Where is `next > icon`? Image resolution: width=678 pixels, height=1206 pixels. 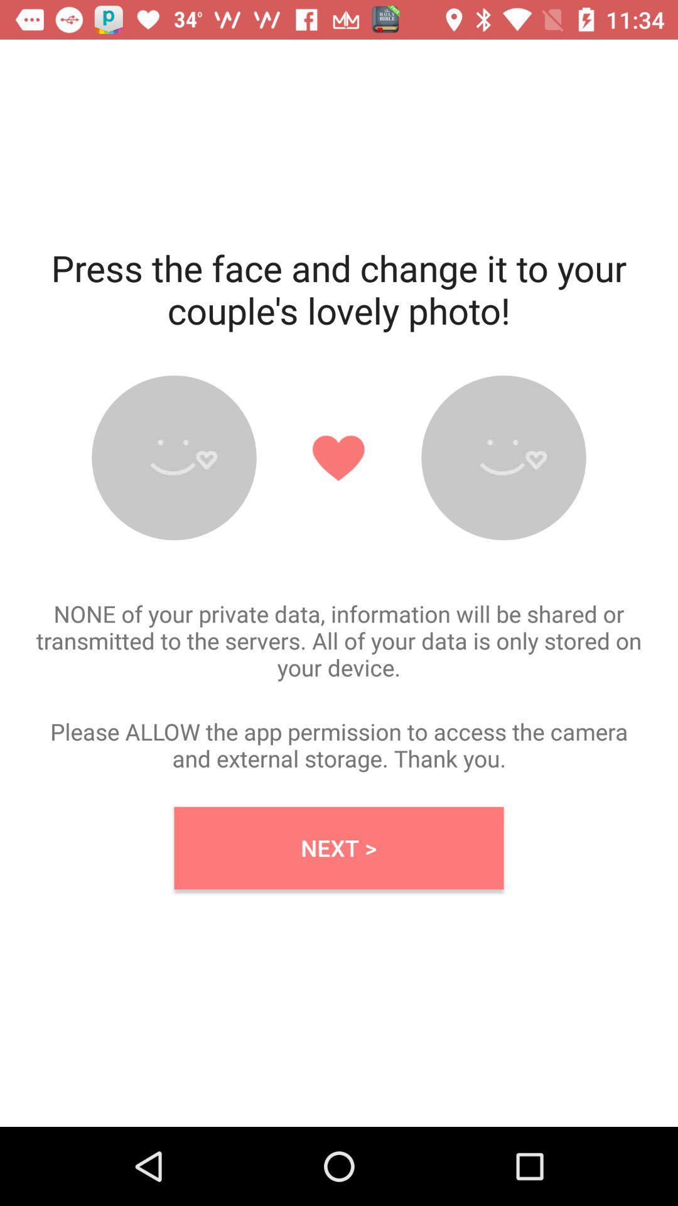 next > icon is located at coordinates (339, 848).